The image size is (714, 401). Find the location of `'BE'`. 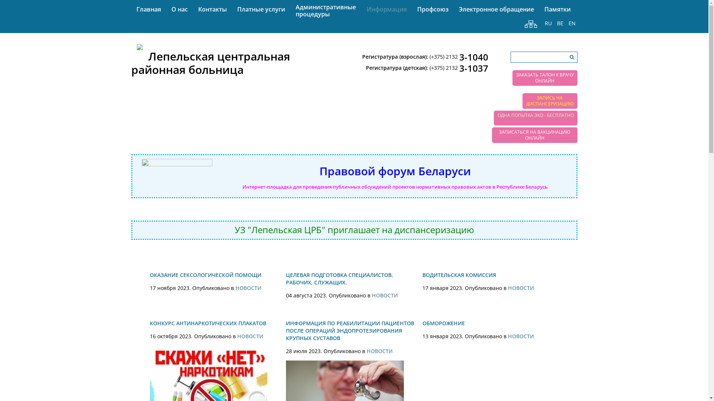

'BE' is located at coordinates (560, 23).